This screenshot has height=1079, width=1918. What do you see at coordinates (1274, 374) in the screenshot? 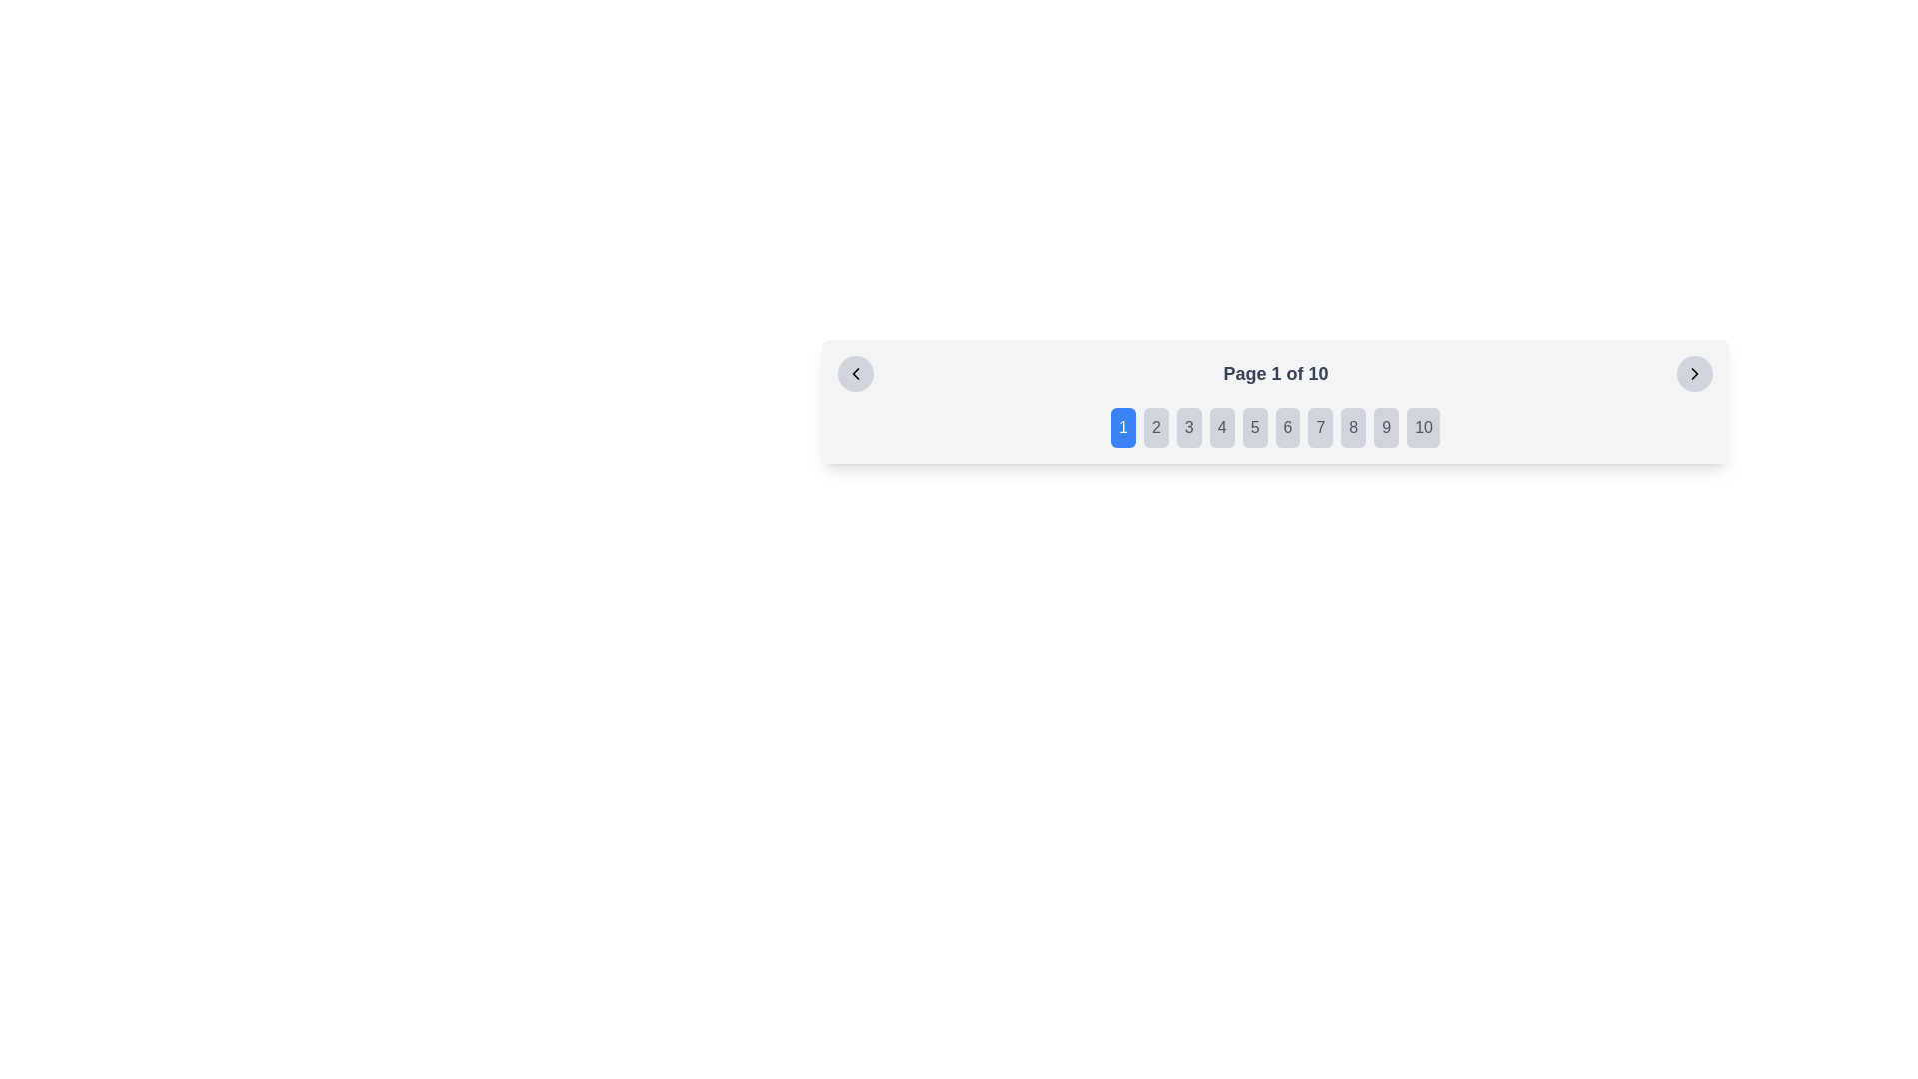
I see `the text label that displays the current page number and total pages in the pagination toolbar, located centrally between the navigational buttons` at bounding box center [1274, 374].